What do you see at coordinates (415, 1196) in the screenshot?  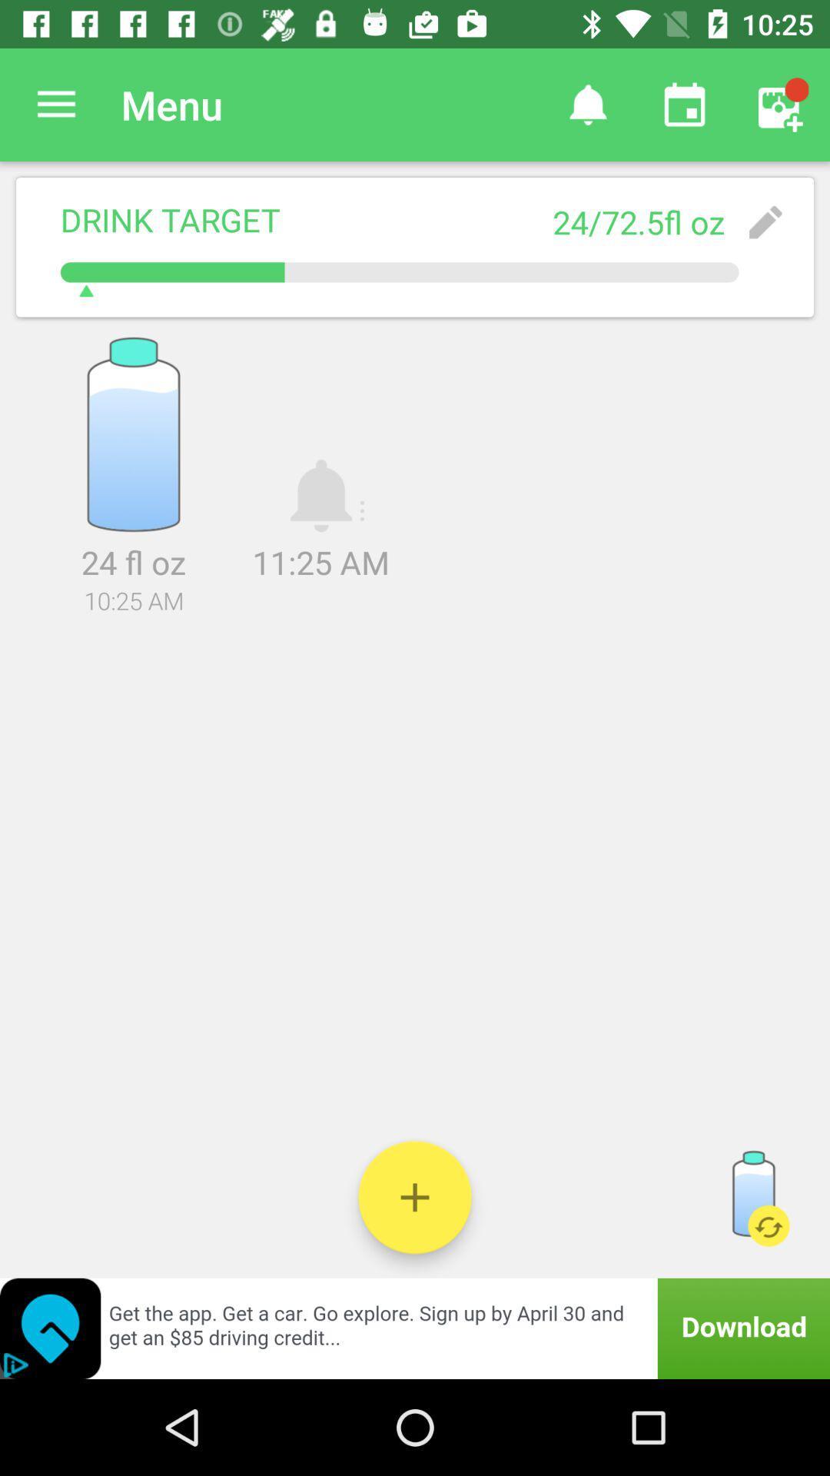 I see `water tracker` at bounding box center [415, 1196].